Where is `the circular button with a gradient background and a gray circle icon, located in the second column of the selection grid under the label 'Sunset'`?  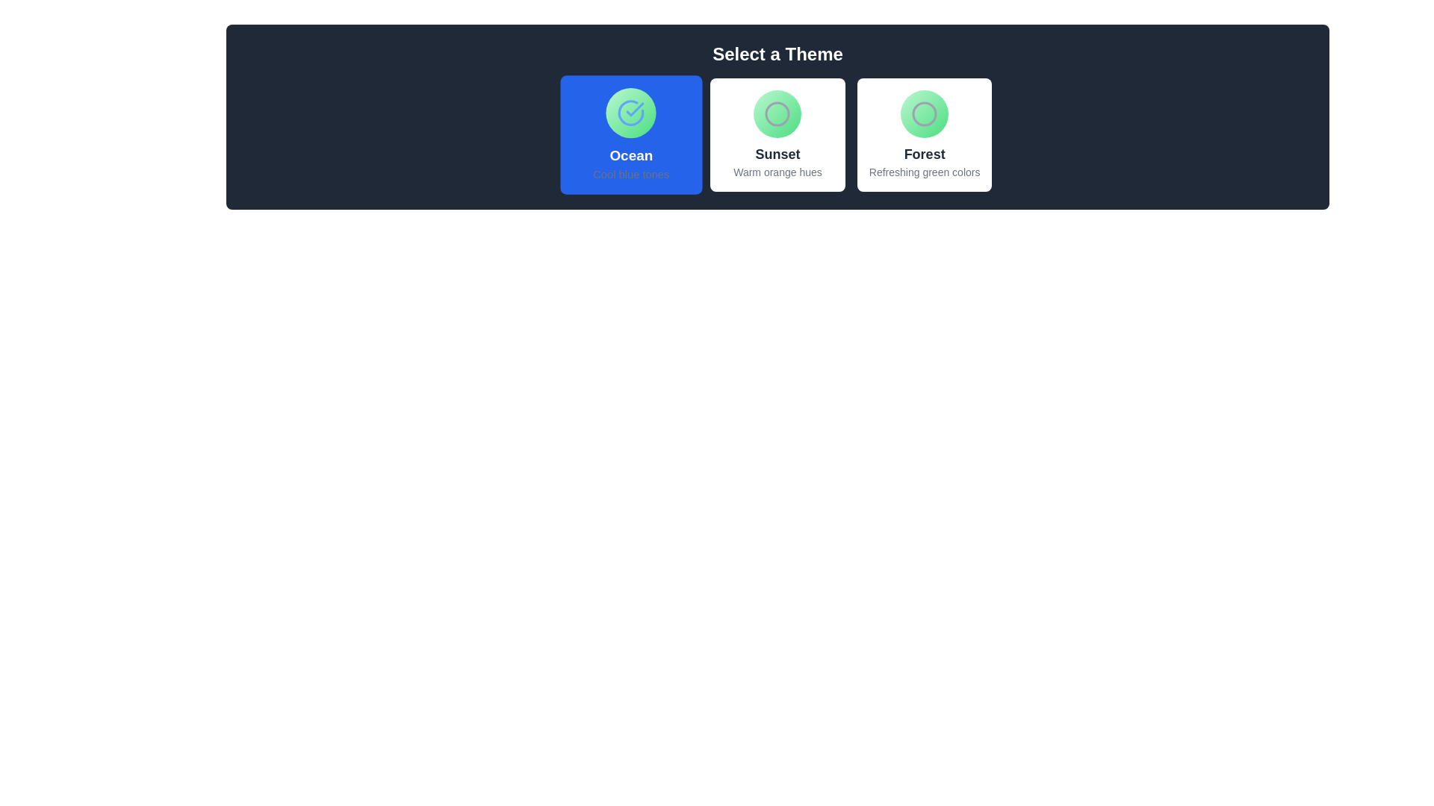
the circular button with a gradient background and a gray circle icon, located in the second column of the selection grid under the label 'Sunset' is located at coordinates (777, 113).